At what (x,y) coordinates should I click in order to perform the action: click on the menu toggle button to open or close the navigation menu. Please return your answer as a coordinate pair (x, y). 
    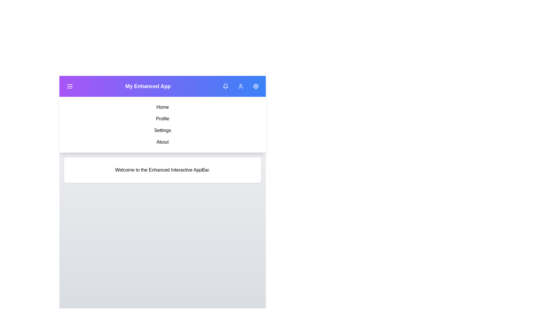
    Looking at the image, I should click on (70, 86).